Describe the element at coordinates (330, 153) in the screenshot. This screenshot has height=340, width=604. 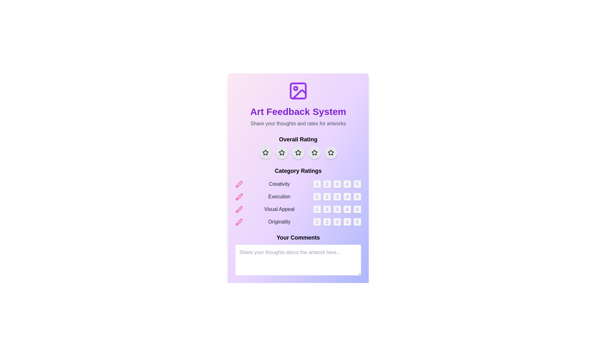
I see `the fifth star icon in the five-star rating system` at that location.